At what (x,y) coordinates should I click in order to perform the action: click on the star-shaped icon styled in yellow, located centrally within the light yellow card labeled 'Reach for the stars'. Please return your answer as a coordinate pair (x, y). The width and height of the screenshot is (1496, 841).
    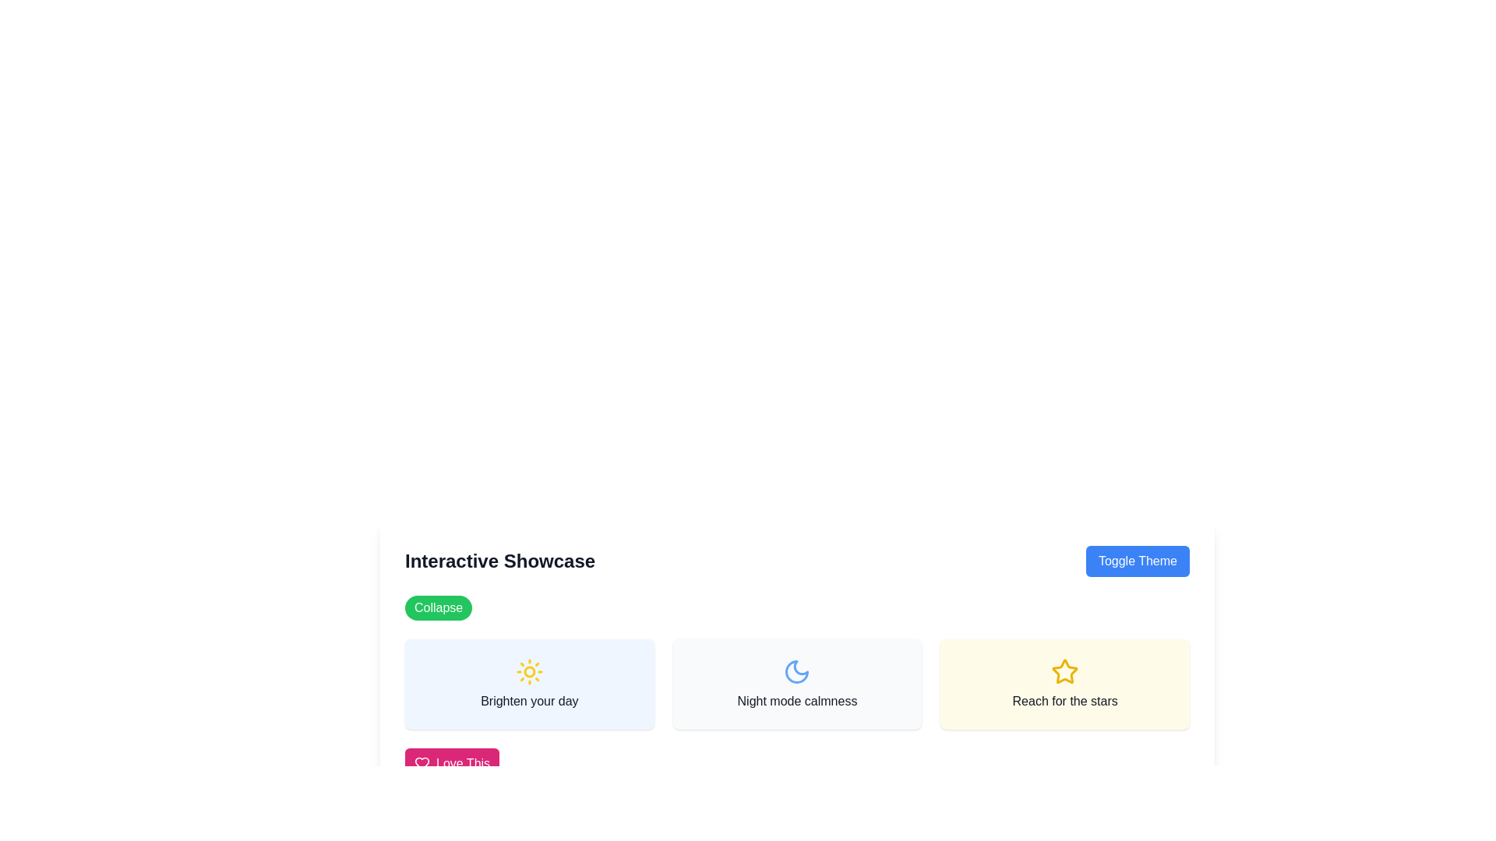
    Looking at the image, I should click on (1064, 670).